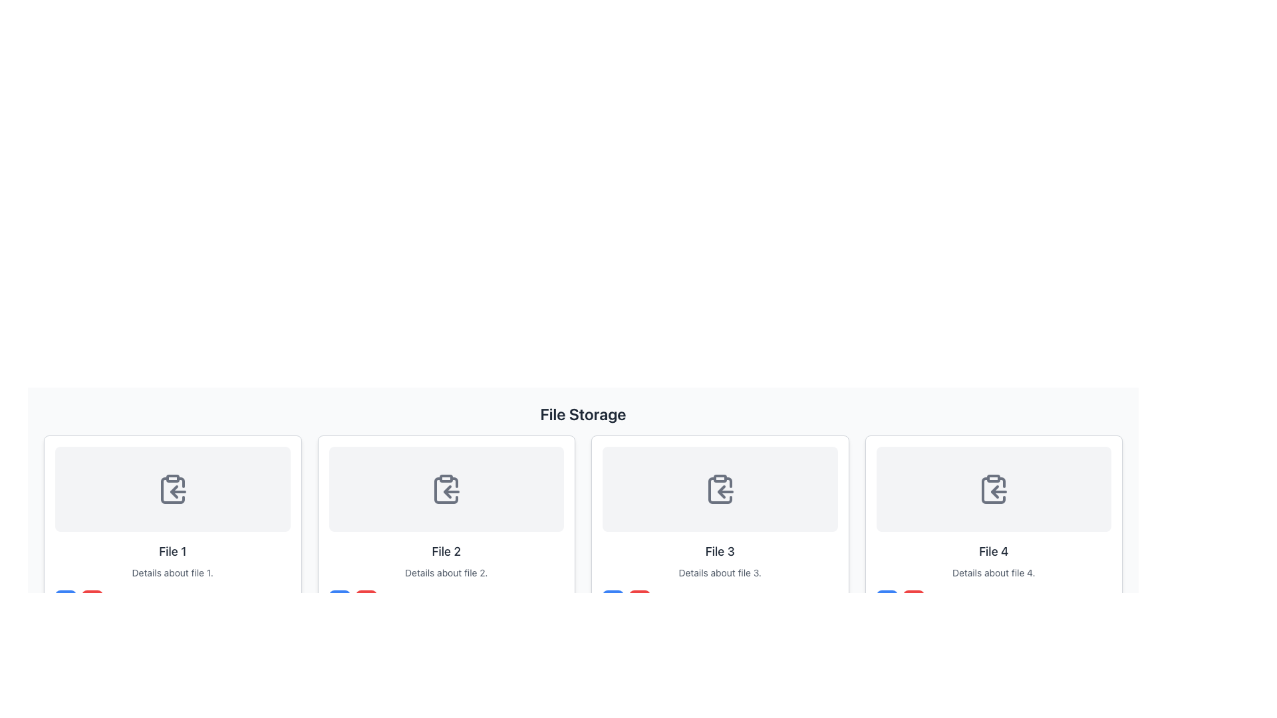  I want to click on the text label displaying 'Details about file 3.' which is located below the title 'File 3' in the third card of the grid, so click(719, 572).